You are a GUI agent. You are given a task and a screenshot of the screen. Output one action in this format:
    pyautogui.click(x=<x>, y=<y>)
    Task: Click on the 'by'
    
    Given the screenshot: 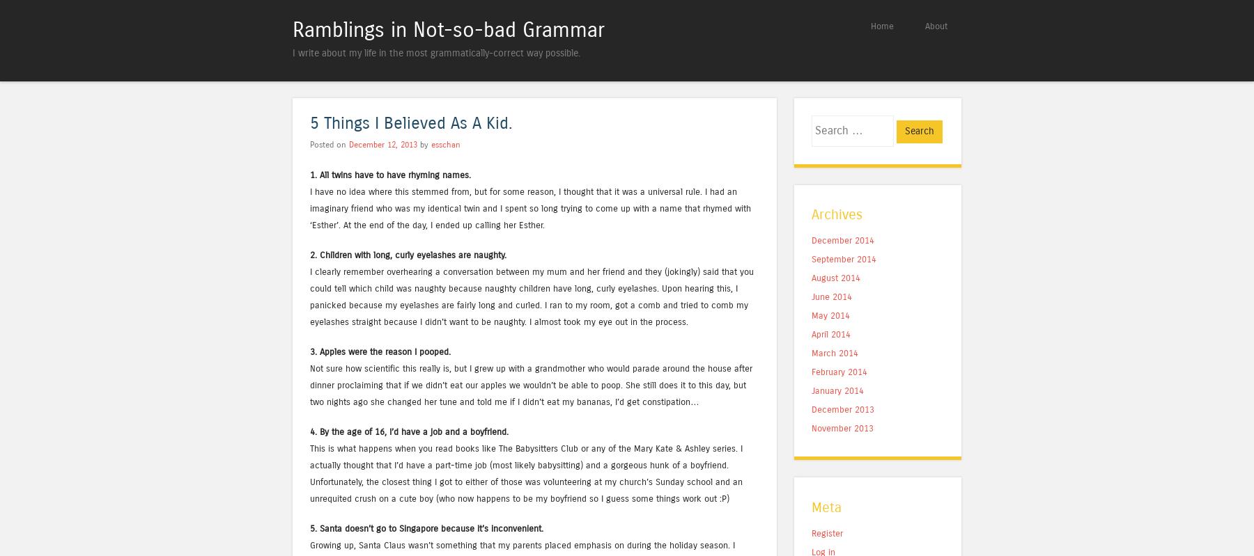 What is the action you would take?
    pyautogui.click(x=424, y=144)
    